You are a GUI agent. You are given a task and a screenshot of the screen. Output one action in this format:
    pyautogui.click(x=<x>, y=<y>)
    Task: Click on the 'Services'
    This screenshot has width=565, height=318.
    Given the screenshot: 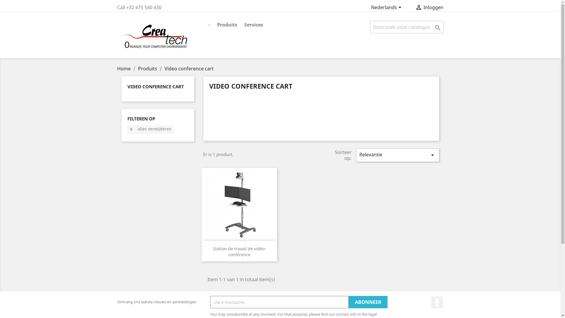 What is the action you would take?
    pyautogui.click(x=254, y=25)
    